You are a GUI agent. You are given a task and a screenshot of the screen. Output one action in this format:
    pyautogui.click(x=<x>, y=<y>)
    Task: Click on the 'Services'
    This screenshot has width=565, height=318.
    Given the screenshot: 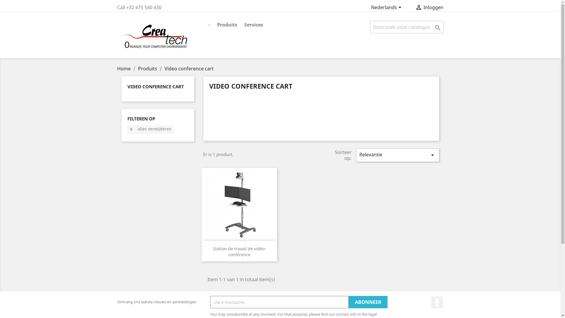 What is the action you would take?
    pyautogui.click(x=254, y=25)
    